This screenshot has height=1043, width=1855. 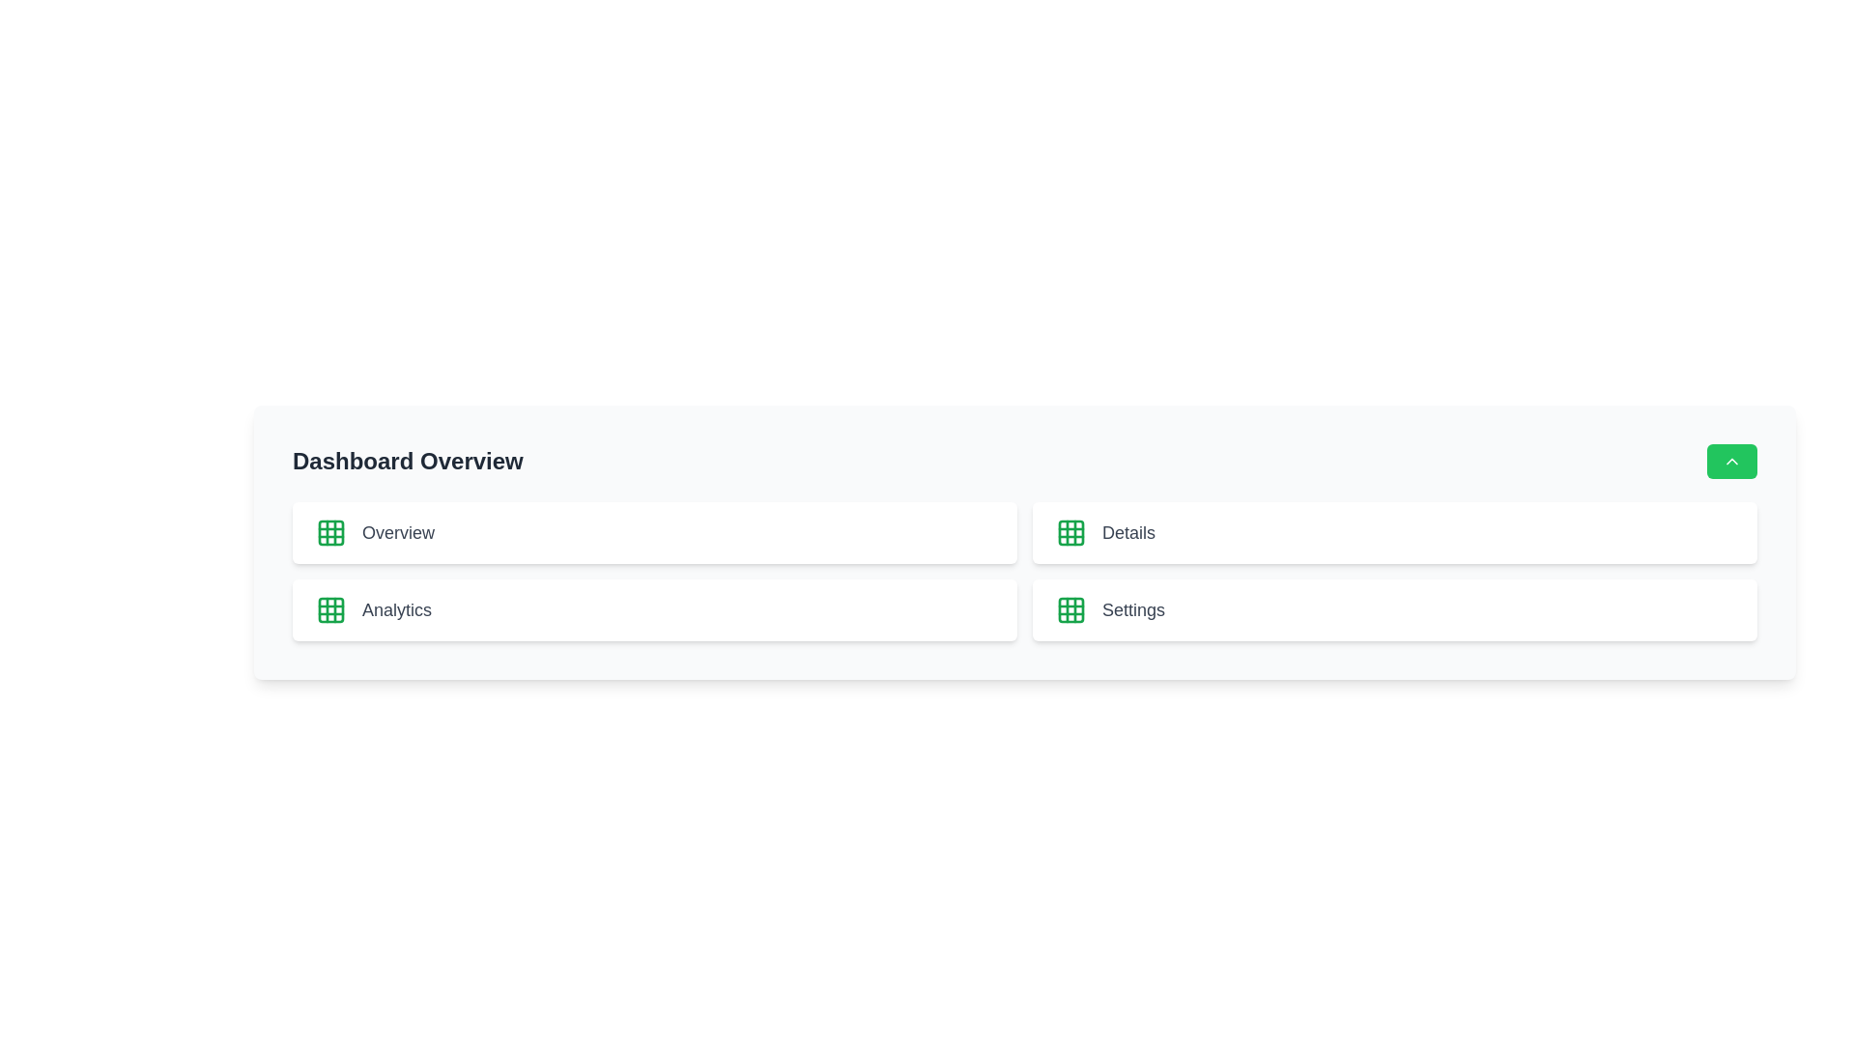 I want to click on the 'Overview' label in the dashboard section, which is located to the right of the green grid icon, so click(x=397, y=532).